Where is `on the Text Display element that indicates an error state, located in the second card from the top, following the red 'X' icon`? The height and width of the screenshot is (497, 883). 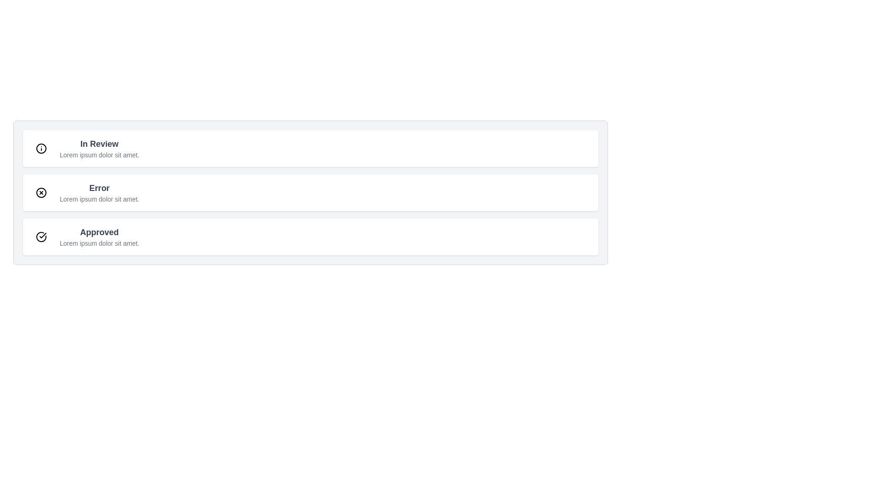
on the Text Display element that indicates an error state, located in the second card from the top, following the red 'X' icon is located at coordinates (99, 192).